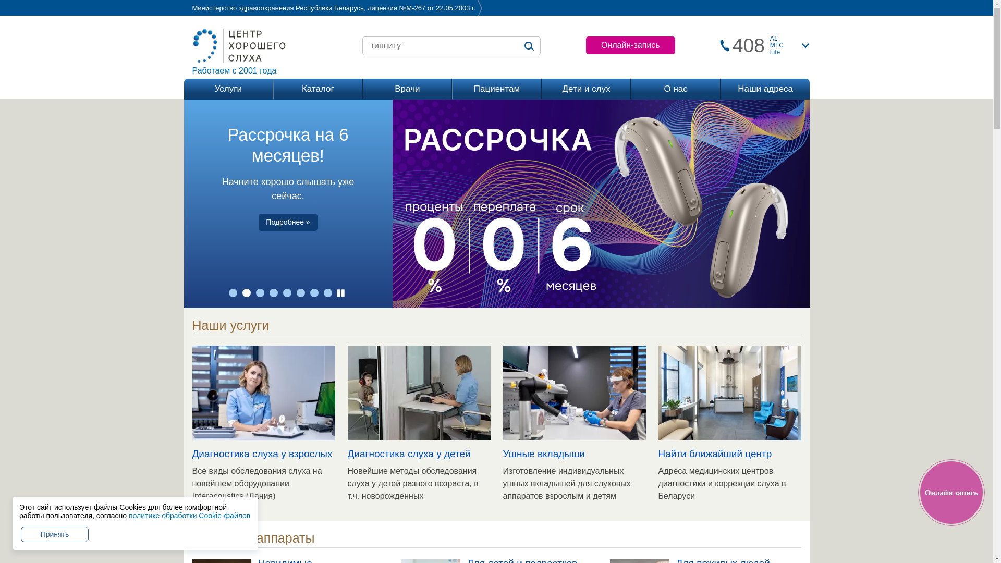  I want to click on '408', so click(748, 45).